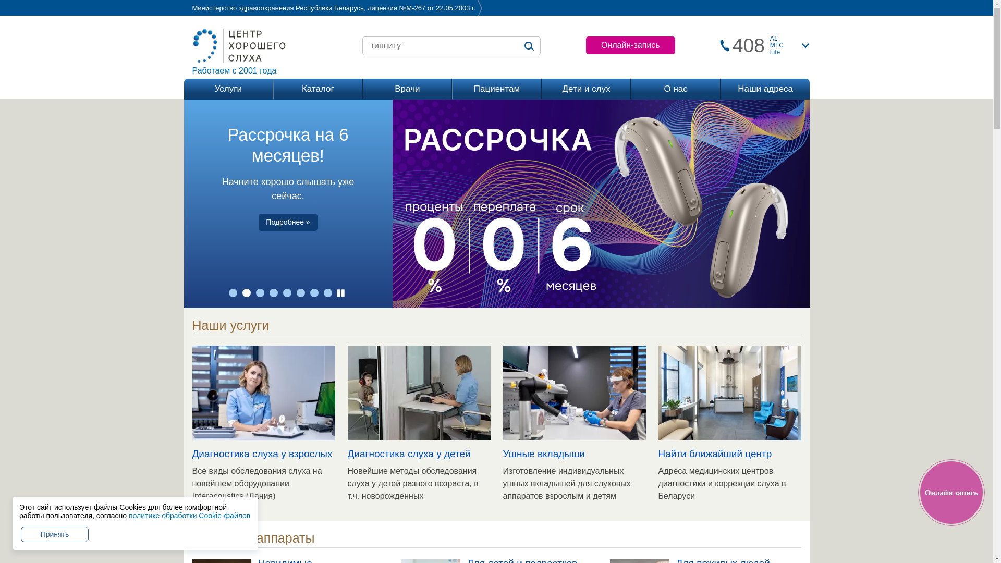  I want to click on '408', so click(748, 45).